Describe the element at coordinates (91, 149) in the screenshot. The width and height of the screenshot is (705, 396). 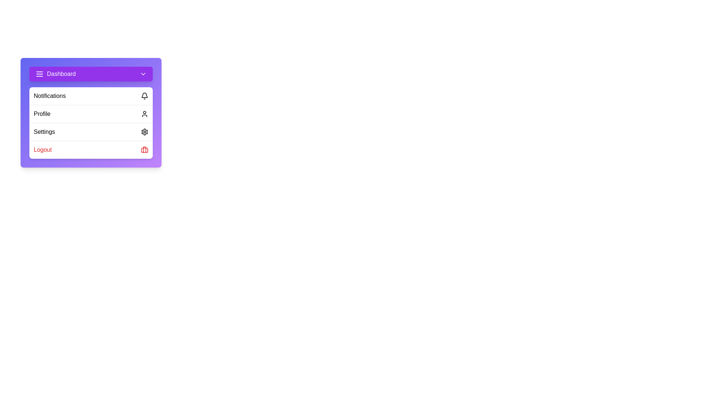
I see `the 'Logout' option in the menu` at that location.